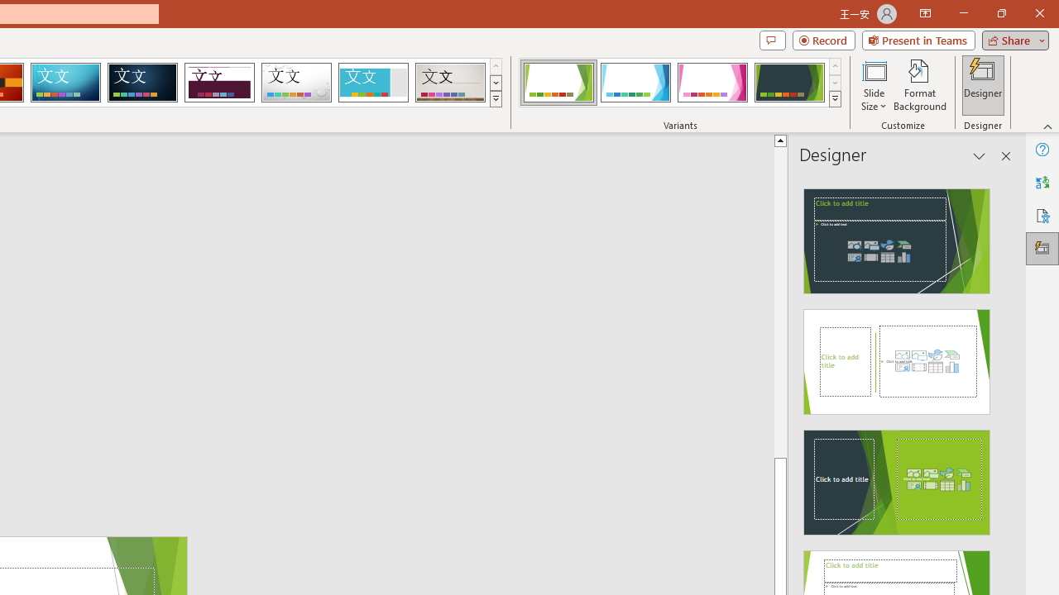  Describe the element at coordinates (372, 83) in the screenshot. I see `'Frame'` at that location.